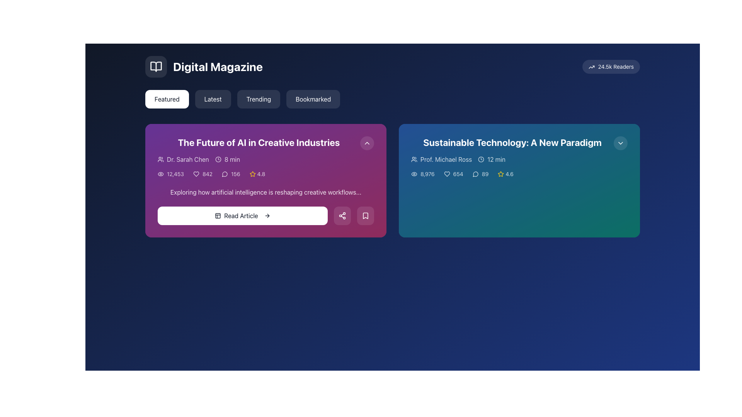 This screenshot has height=417, width=742. Describe the element at coordinates (621, 143) in the screenshot. I see `the downward-pointing chevron icon within the circular background located in the top right corner of the card titled 'Sustainable Technology: A New Paradigm' for accessibility purposes` at that location.